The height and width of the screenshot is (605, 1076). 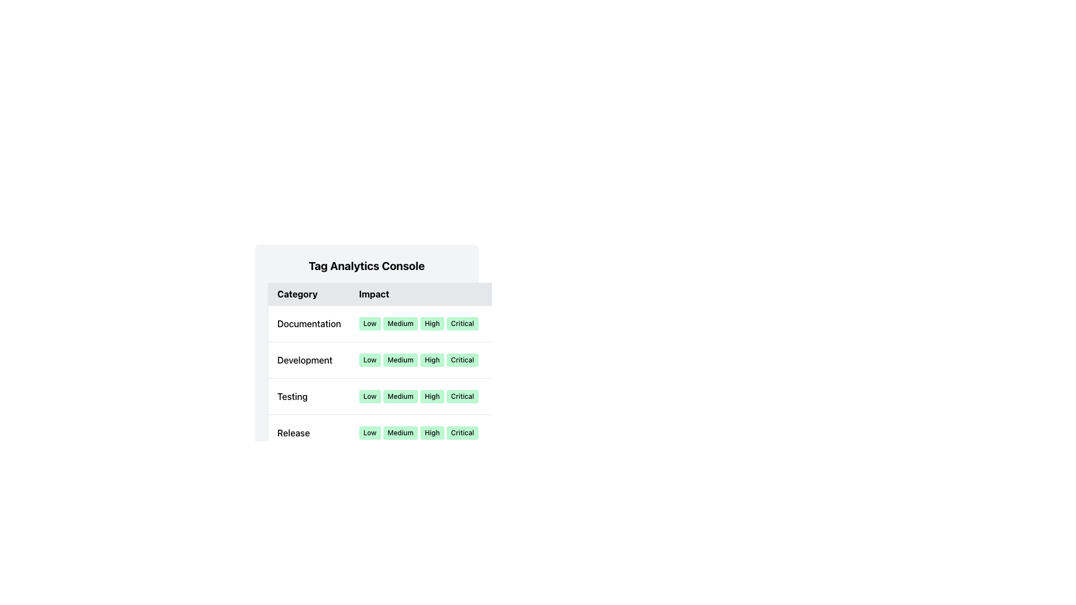 What do you see at coordinates (462, 396) in the screenshot?
I see `the 'Critical' status indicator badge in the 'Impact' column of the 'Testing' row, which is the last badge in a group of four badges labeled 'Low', 'Medium', 'High', and 'Critical'` at bounding box center [462, 396].